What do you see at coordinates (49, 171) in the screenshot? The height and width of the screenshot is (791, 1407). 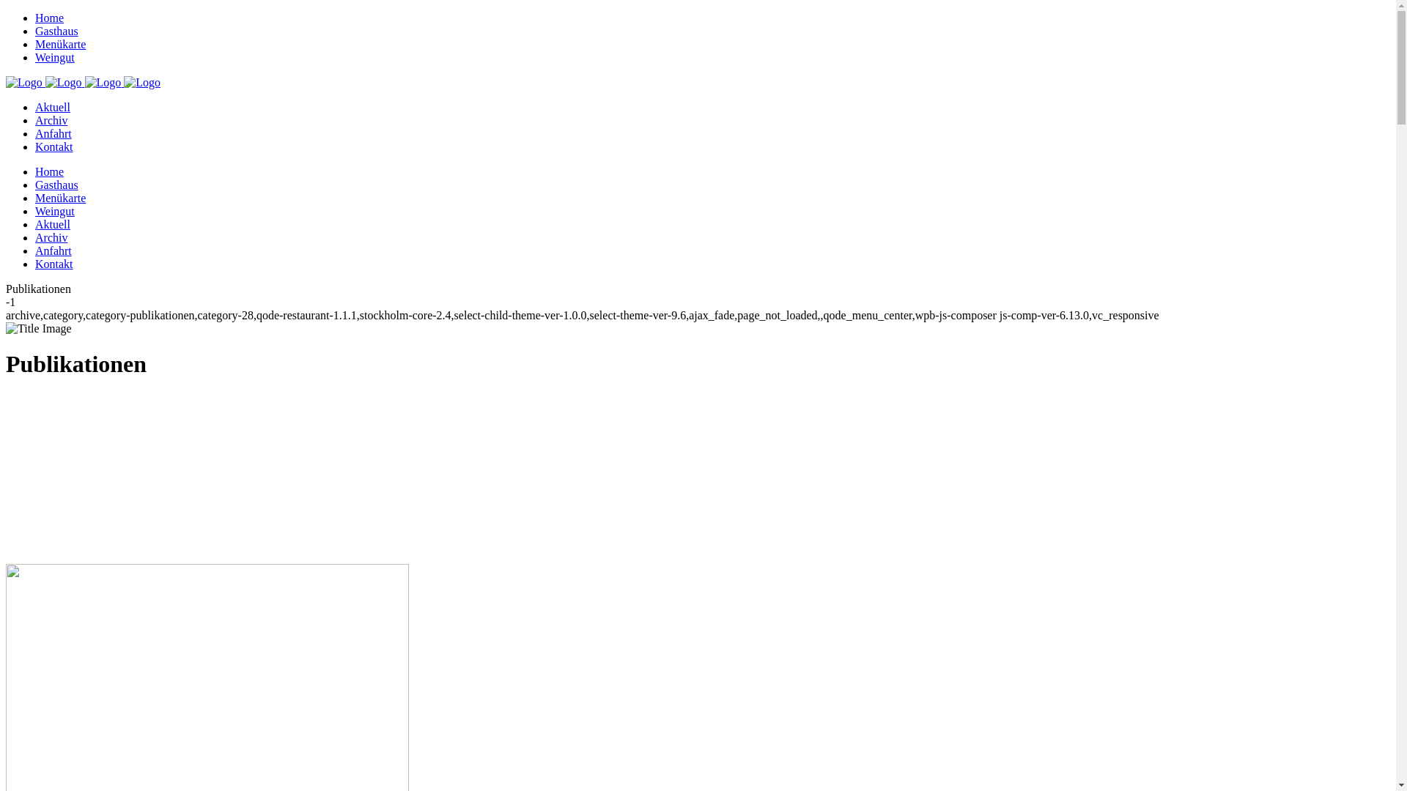 I see `'Home'` at bounding box center [49, 171].